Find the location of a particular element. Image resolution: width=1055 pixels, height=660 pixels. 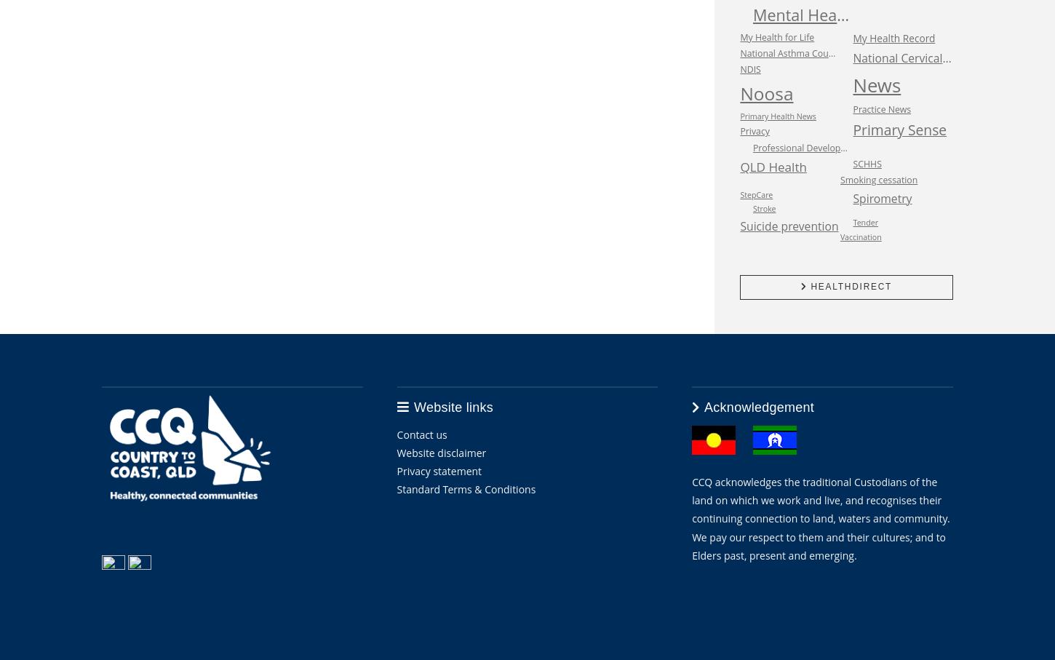

'News' is located at coordinates (875, 84).